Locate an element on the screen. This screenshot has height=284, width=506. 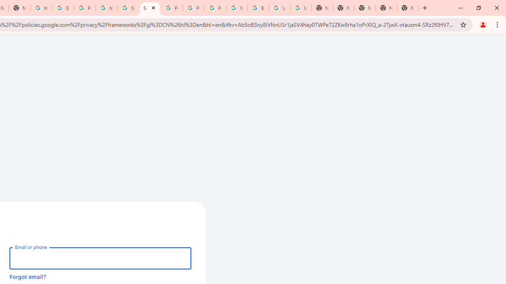
'Forgot email?' is located at coordinates (28, 276).